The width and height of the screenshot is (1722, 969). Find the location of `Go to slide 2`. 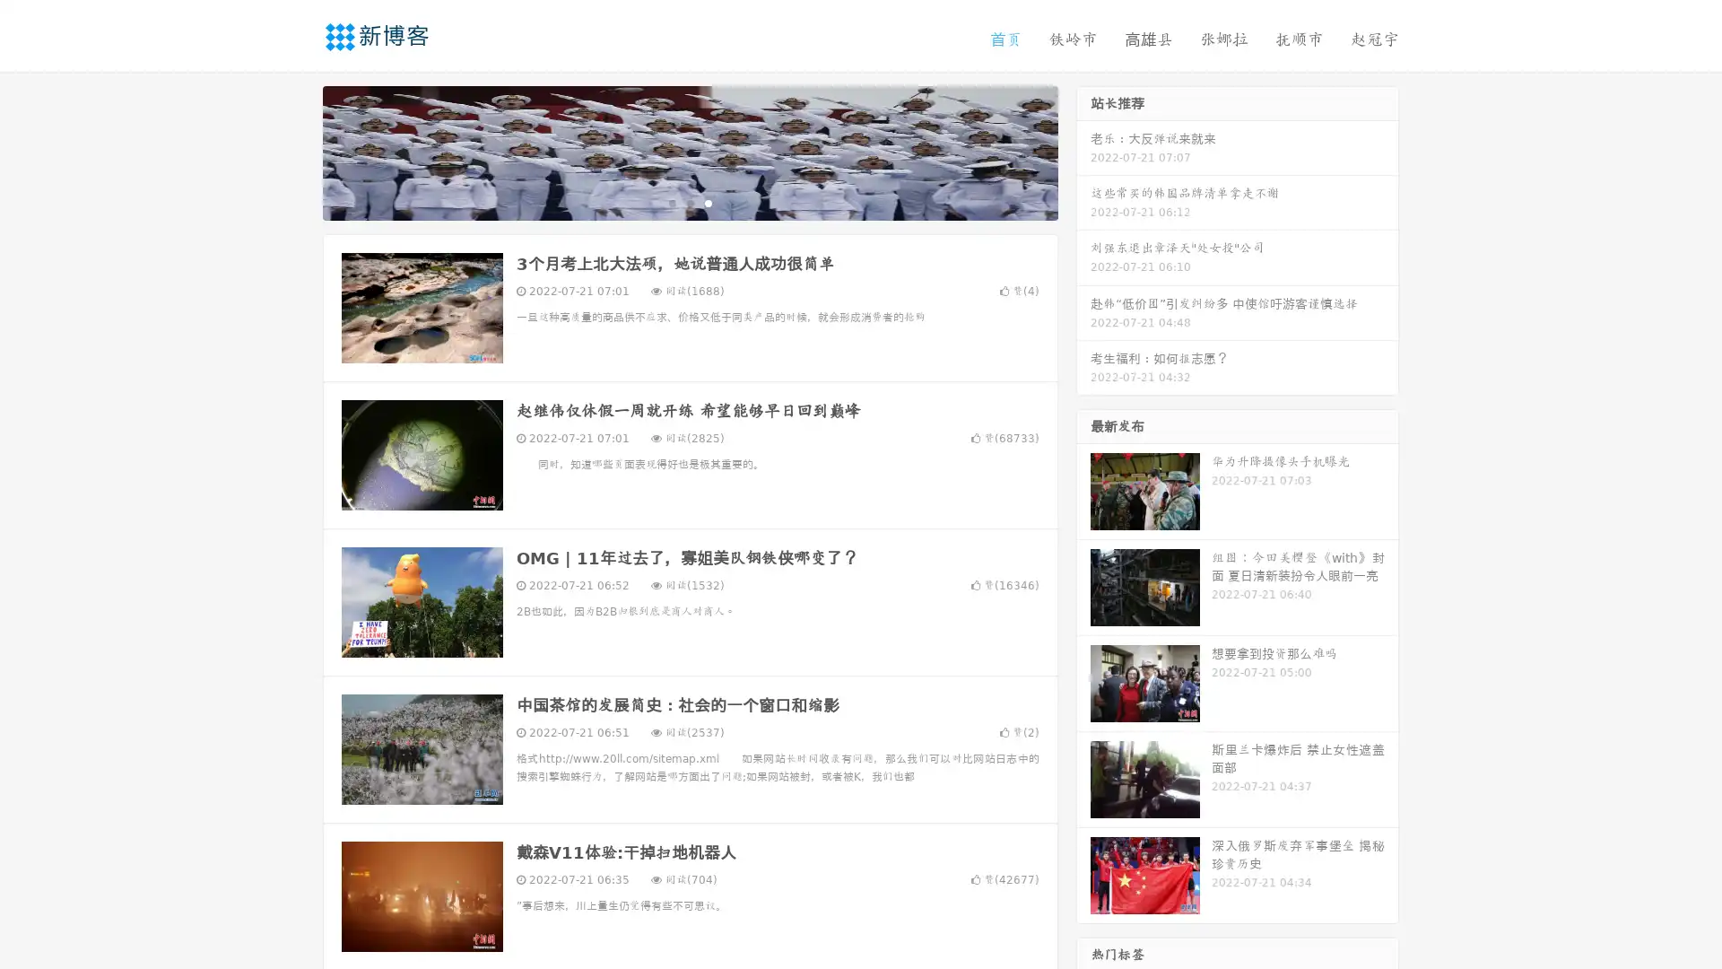

Go to slide 2 is located at coordinates (689, 202).